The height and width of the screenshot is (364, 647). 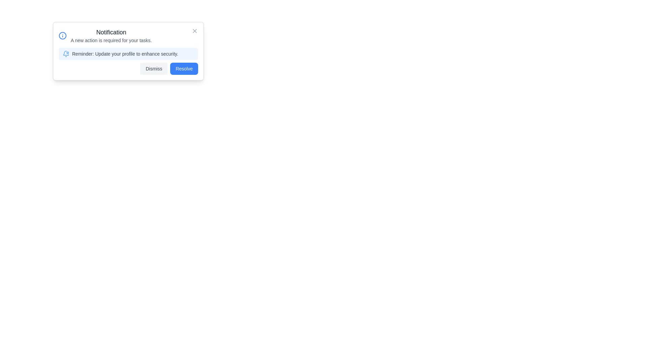 I want to click on the button located at the bottom-right of the notification popup to resolve the notification, which is positioned to the right of the 'Dismiss' button, so click(x=184, y=69).